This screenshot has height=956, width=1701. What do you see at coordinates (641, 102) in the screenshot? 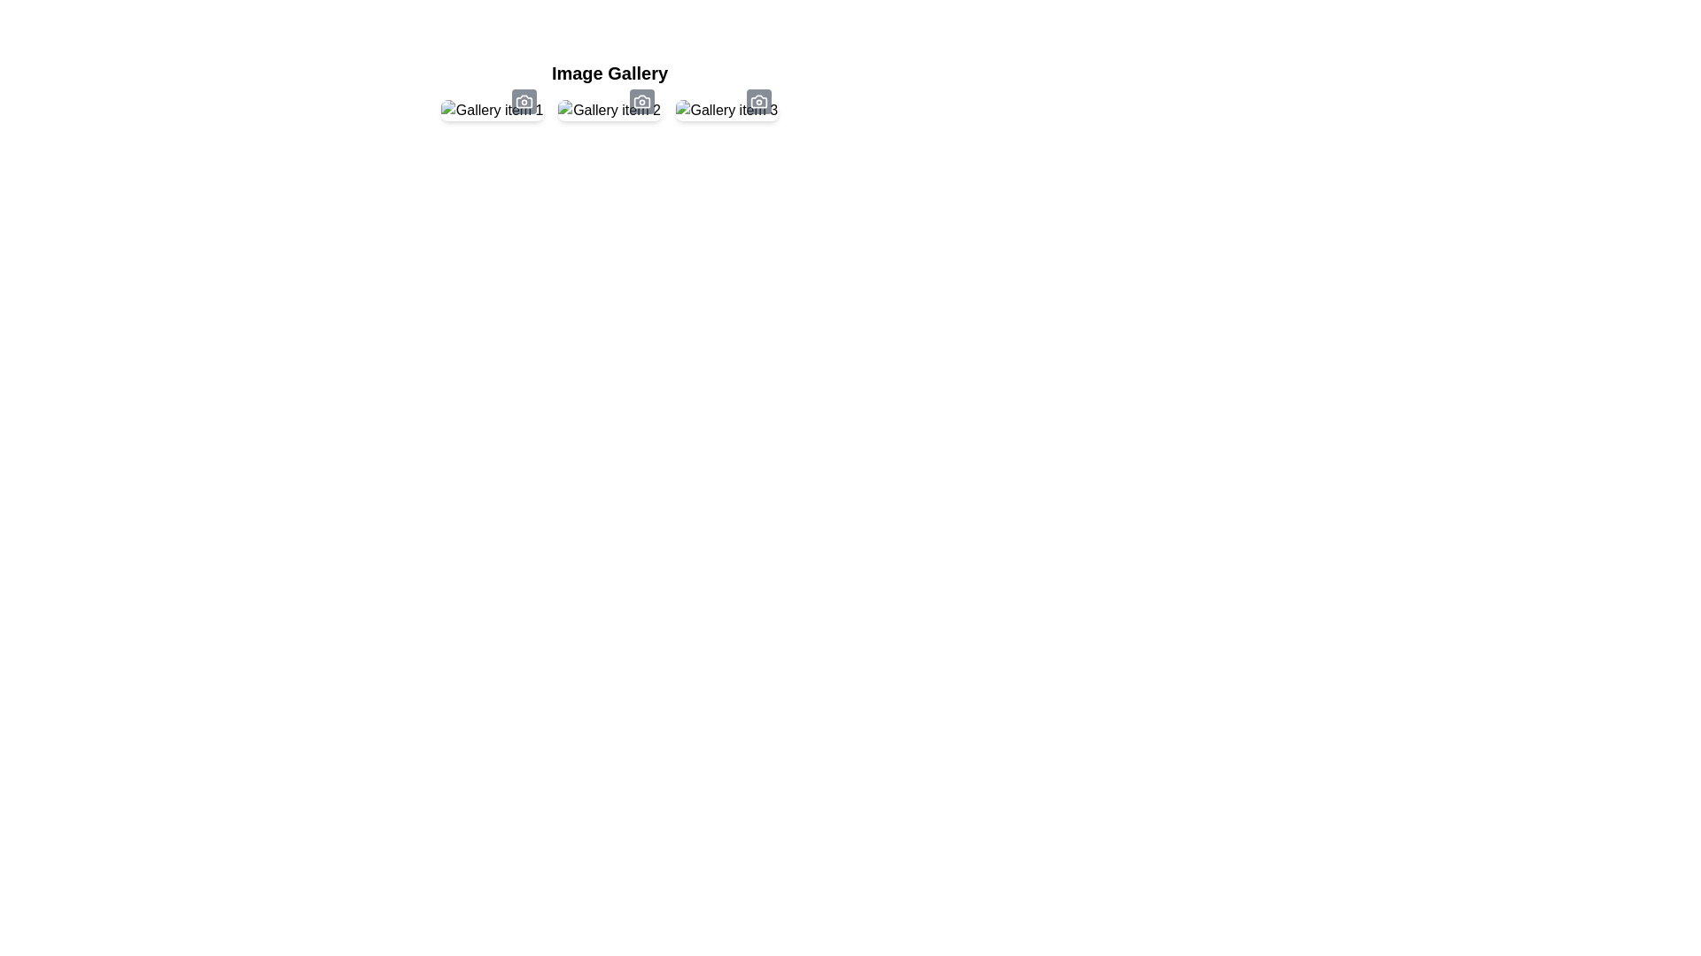
I see `the camera icon located at the bottom-right corner of the thumbnail labeled 'Gallery item 2' in the second position of the row under the 'Image Gallery' heading` at bounding box center [641, 102].